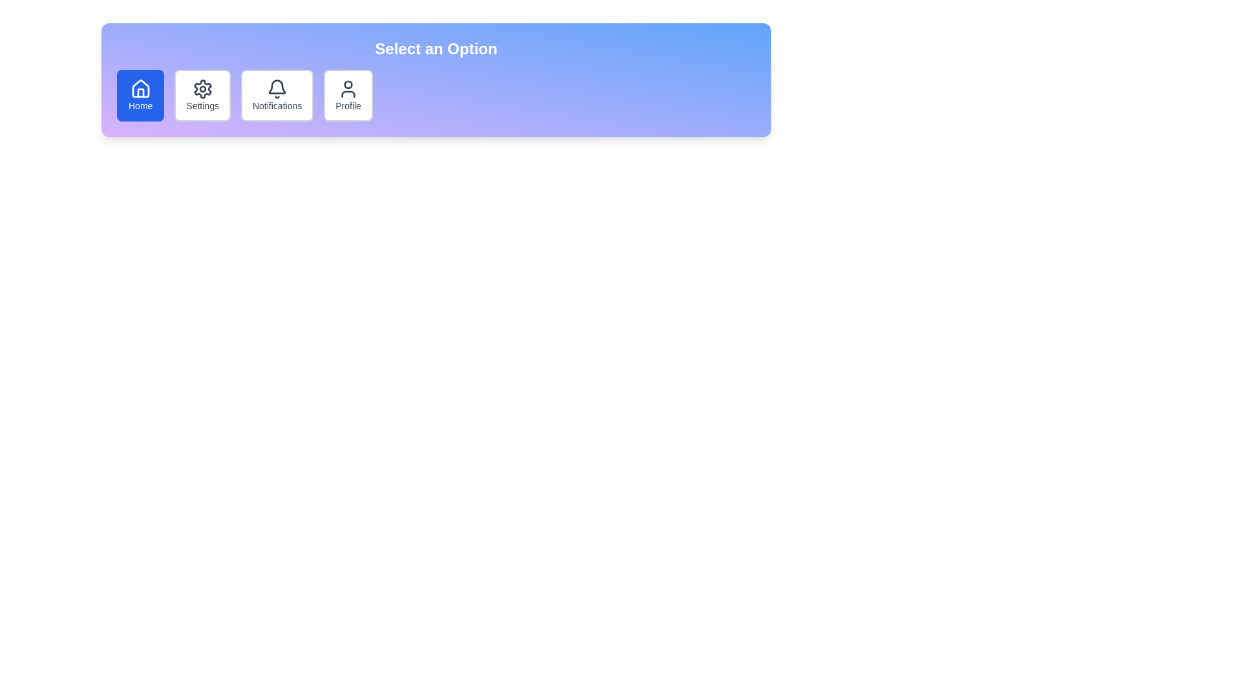 Image resolution: width=1241 pixels, height=698 pixels. Describe the element at coordinates (140, 94) in the screenshot. I see `the 'Home' button, which is a rectangular button with rounded corners, solid blue background, and a white house icon above the word 'Home' in white text` at that location.